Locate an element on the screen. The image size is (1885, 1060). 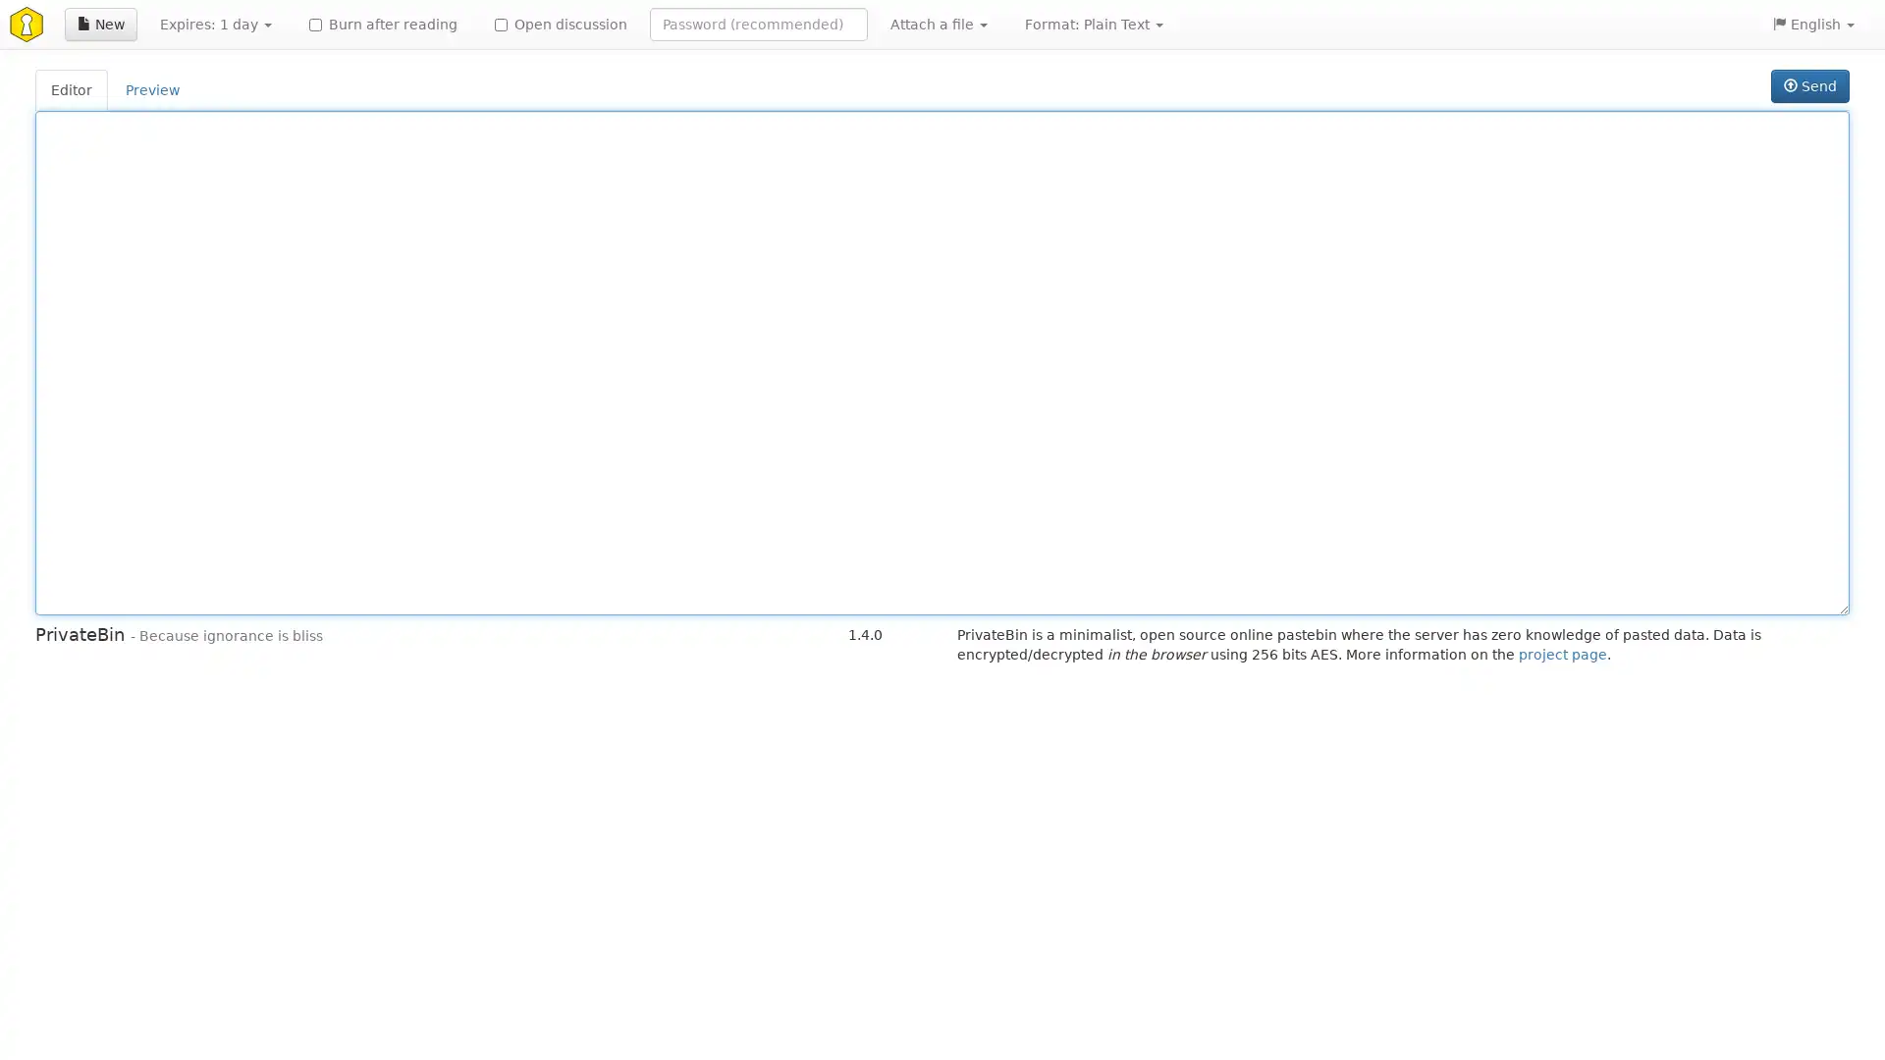
Send is located at coordinates (1808, 85).